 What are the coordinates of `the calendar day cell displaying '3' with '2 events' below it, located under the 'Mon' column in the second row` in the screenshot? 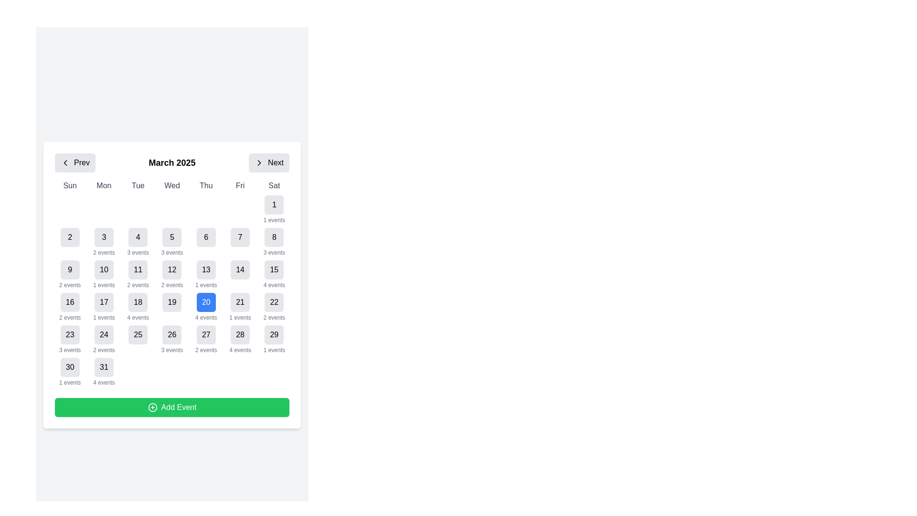 It's located at (104, 241).